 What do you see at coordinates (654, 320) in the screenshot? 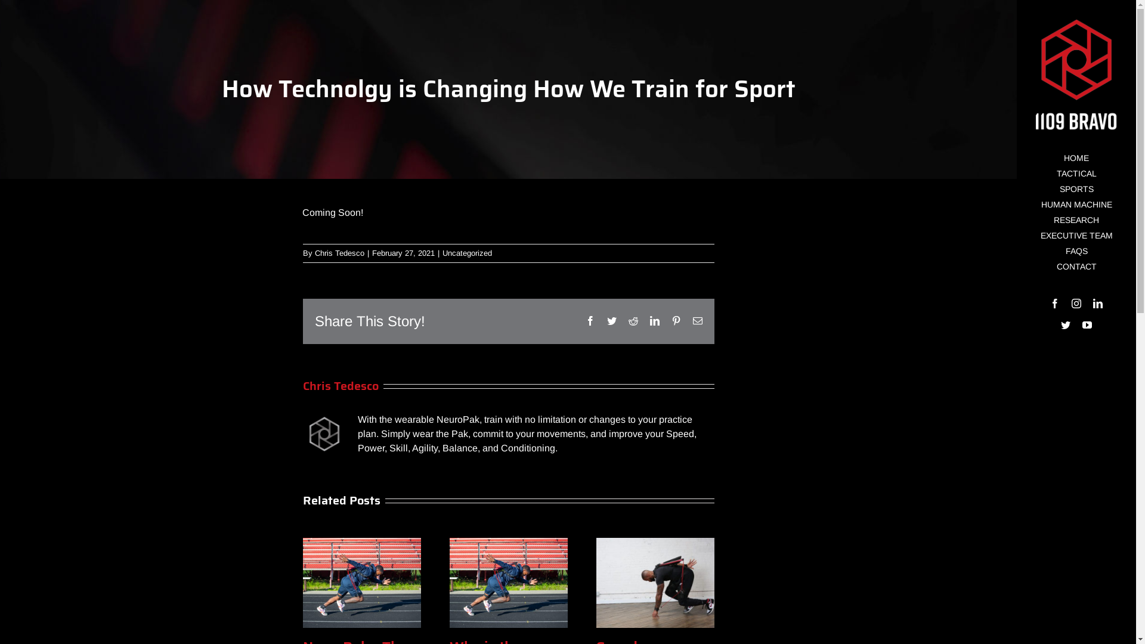
I see `'LinkedIn'` at bounding box center [654, 320].